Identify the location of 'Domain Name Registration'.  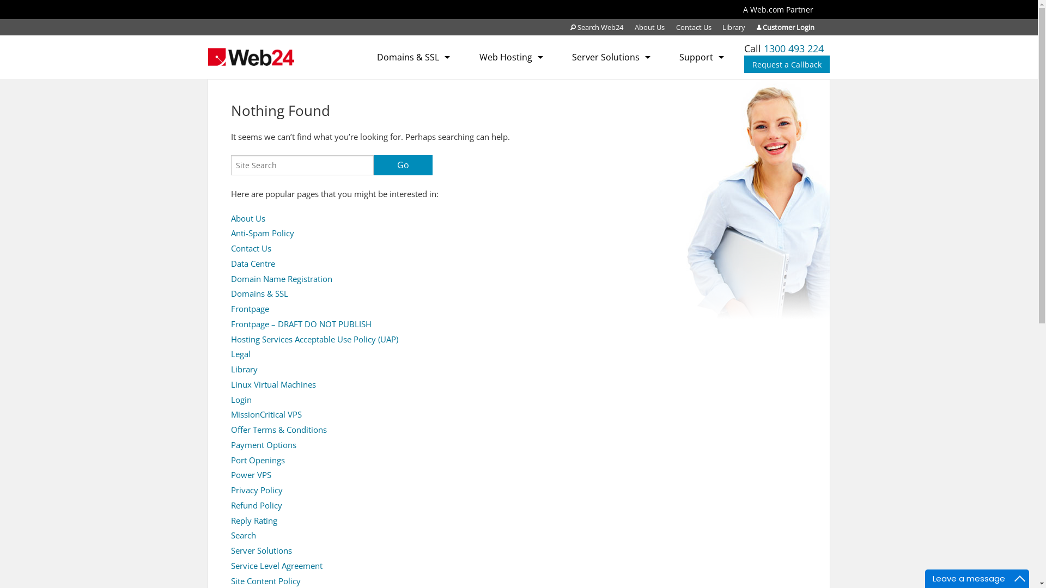
(282, 278).